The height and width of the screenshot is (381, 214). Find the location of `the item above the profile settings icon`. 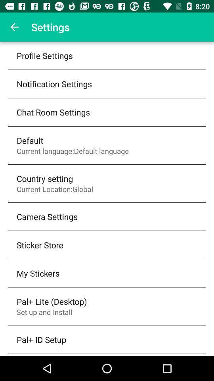

the item above the profile settings icon is located at coordinates (14, 27).